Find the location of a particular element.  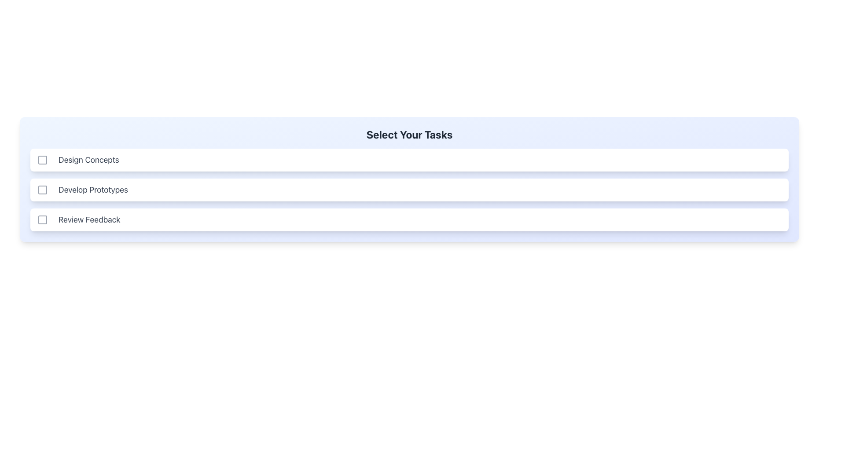

the square-shaped icon outlined in gray that is positioned to the left of the label 'Develop Prototypes' is located at coordinates (42, 190).